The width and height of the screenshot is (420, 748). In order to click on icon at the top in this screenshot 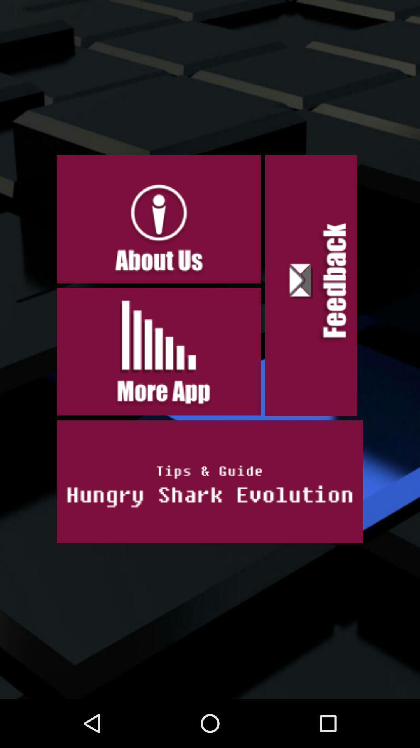, I will do `click(158, 219)`.